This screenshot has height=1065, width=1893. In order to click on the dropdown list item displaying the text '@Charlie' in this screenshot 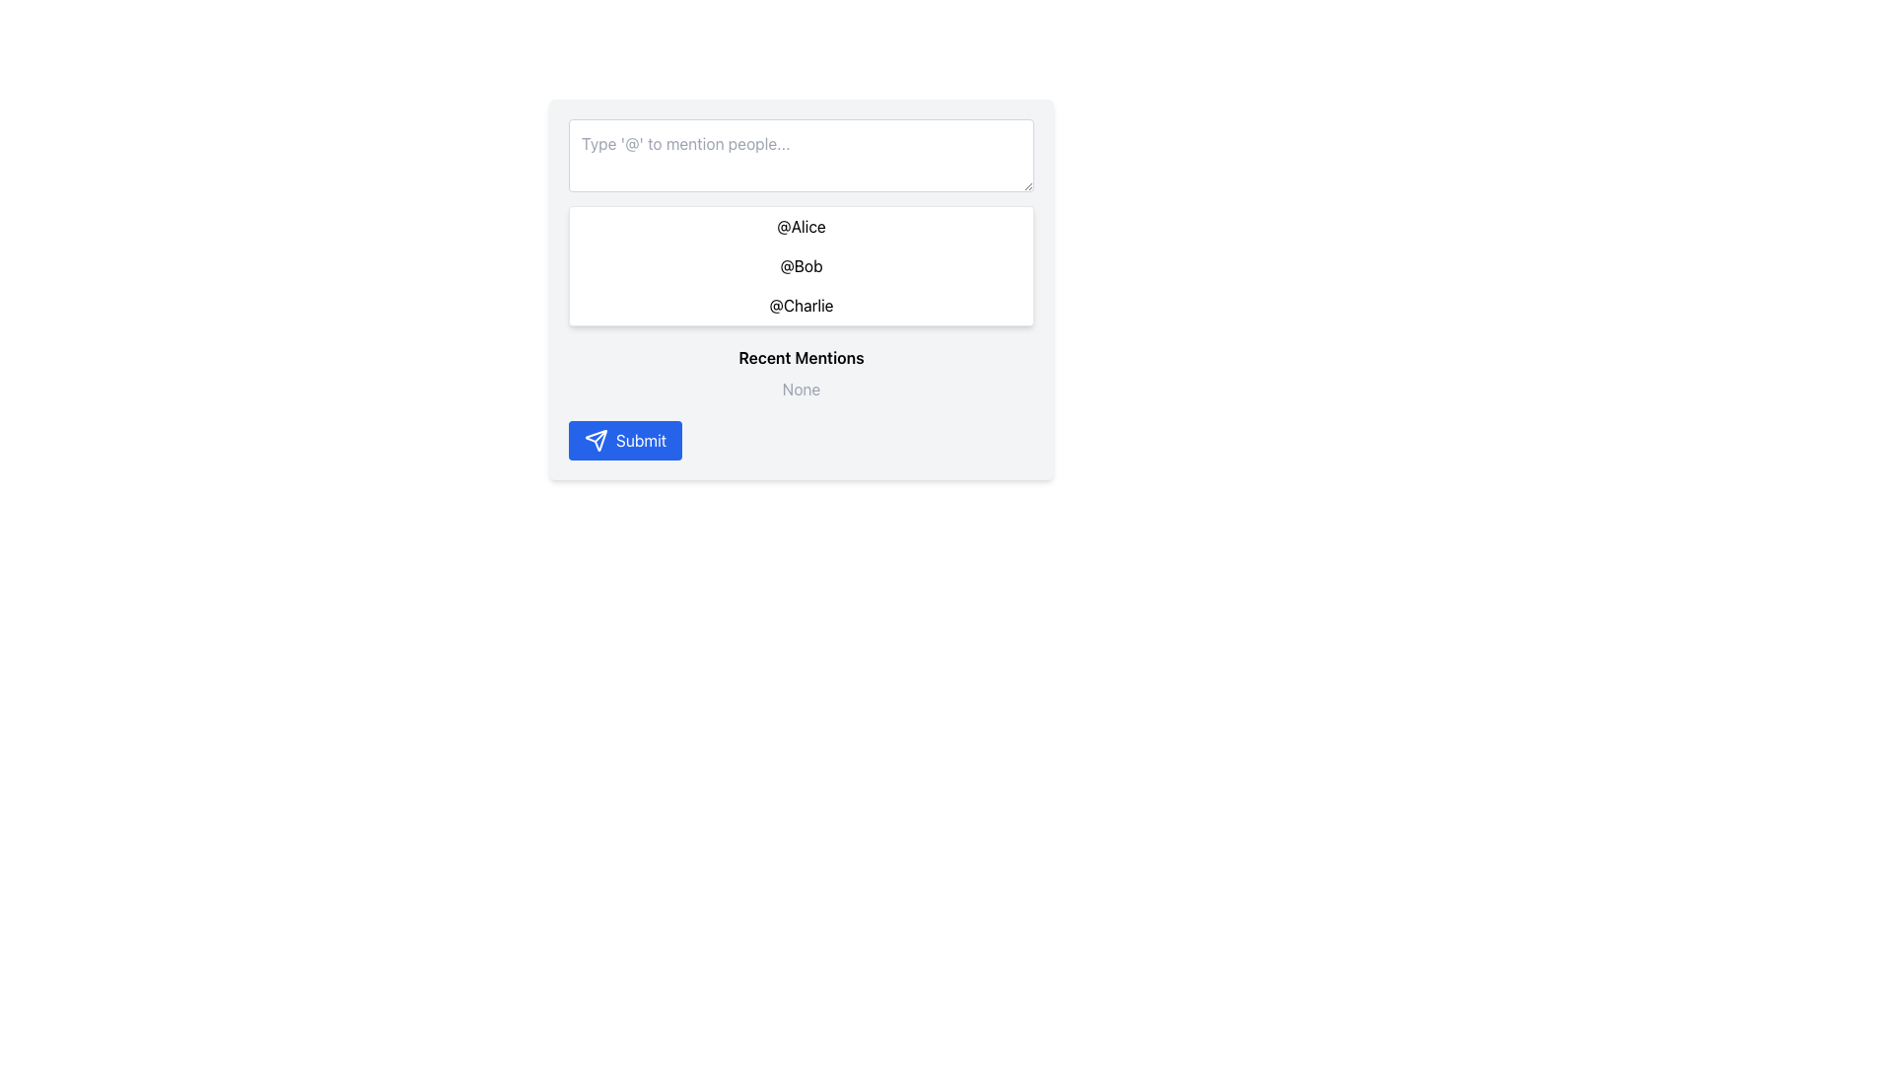, I will do `click(801, 305)`.